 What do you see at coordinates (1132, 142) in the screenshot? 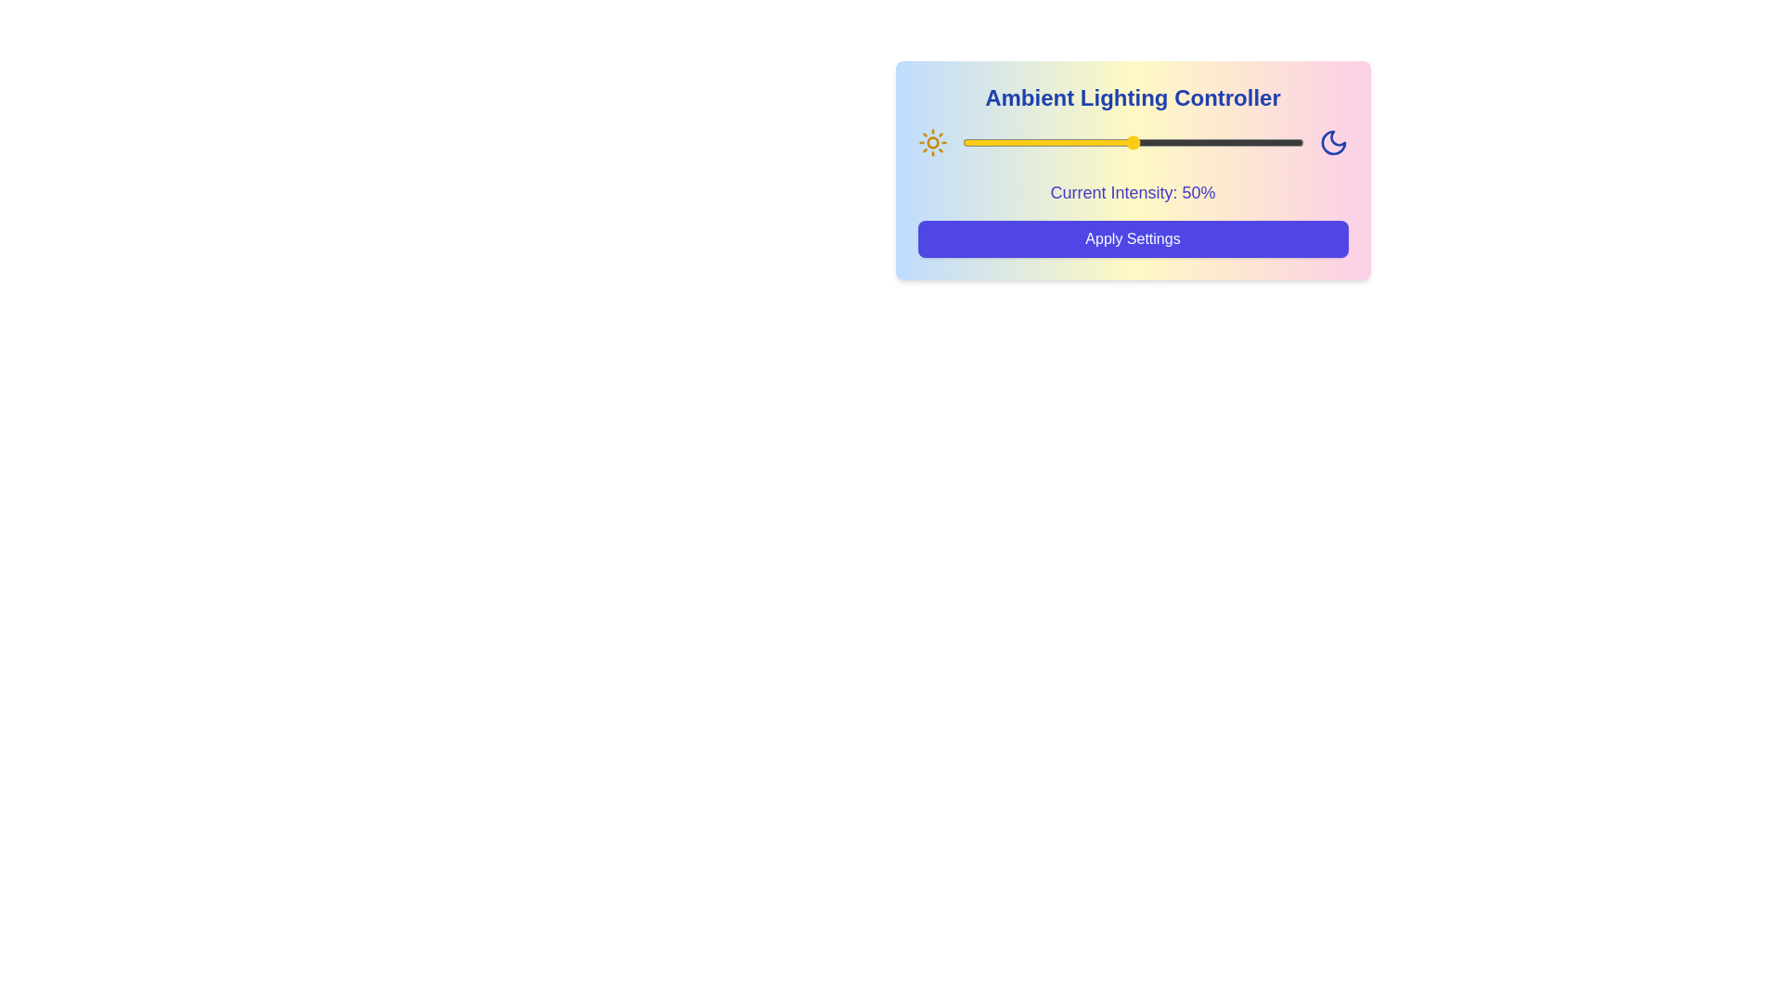
I see `the lighting intensity to 50% using the slider` at bounding box center [1132, 142].